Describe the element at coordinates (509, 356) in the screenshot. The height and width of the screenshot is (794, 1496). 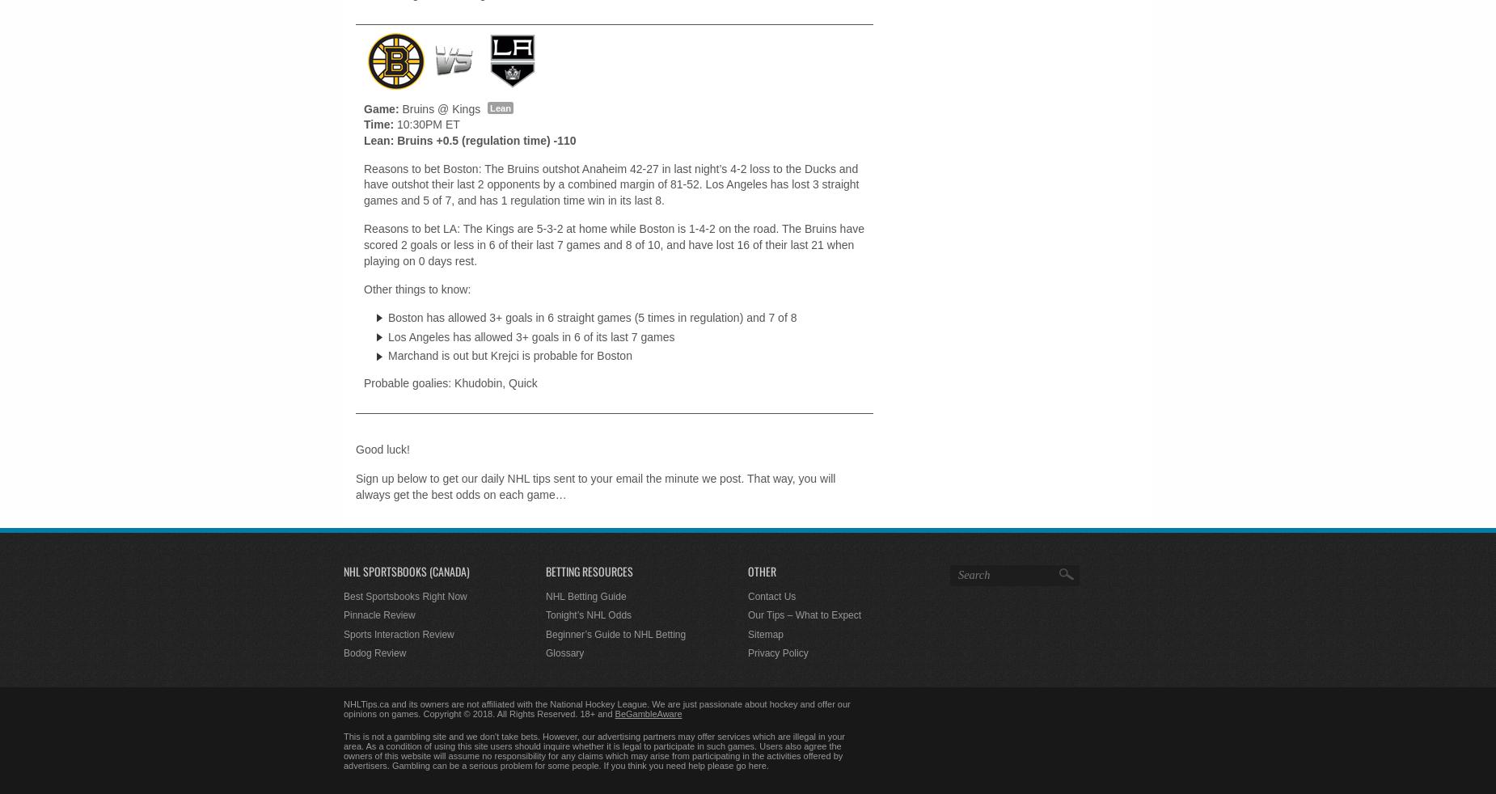
I see `'Marchand is out but Krejci is probable for Boston'` at that location.